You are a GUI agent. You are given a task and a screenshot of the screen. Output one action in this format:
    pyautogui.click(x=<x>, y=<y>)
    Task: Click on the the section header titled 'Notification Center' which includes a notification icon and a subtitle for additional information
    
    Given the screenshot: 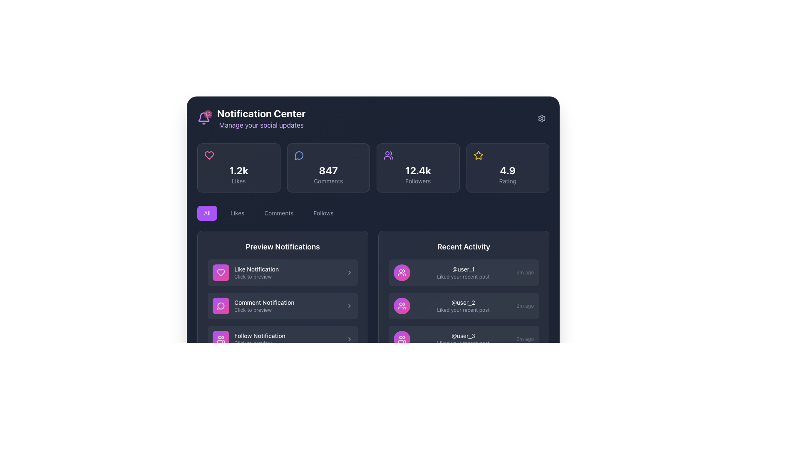 What is the action you would take?
    pyautogui.click(x=251, y=118)
    